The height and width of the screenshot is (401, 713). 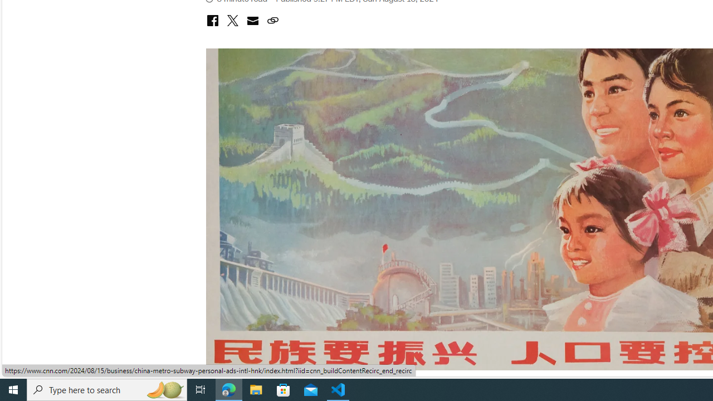 I want to click on 'Class: icon-ui-link', so click(x=272, y=21).